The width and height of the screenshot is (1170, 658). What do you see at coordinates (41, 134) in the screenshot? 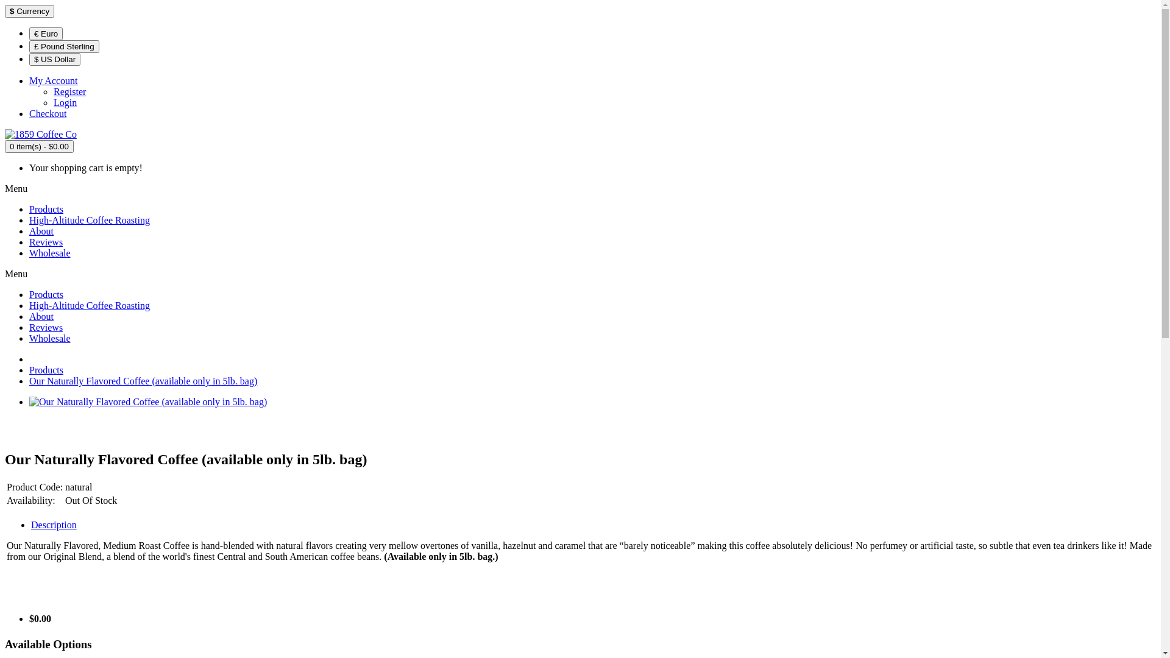
I see `'1859 Coffee Co'` at bounding box center [41, 134].